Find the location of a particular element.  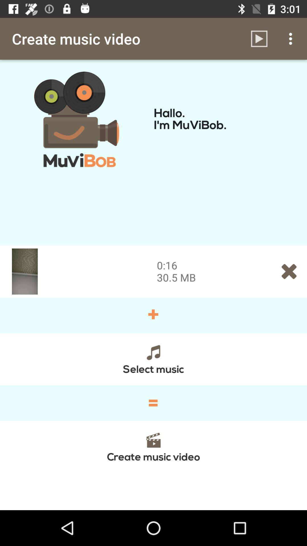

item next to create music video app is located at coordinates (259, 38).